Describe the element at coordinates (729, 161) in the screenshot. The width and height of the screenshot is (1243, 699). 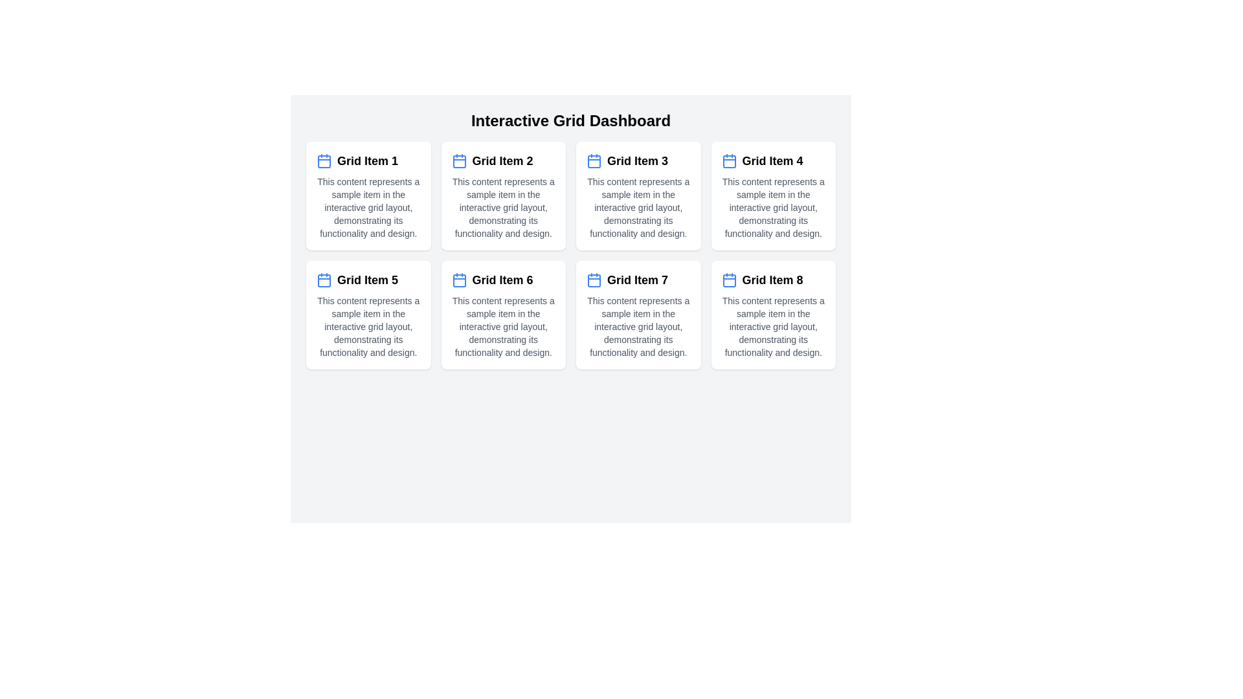
I see `the decorative rounded rectangle element located centrally within the calendar icon in the top-right corner of 'Grid Item 4'` at that location.